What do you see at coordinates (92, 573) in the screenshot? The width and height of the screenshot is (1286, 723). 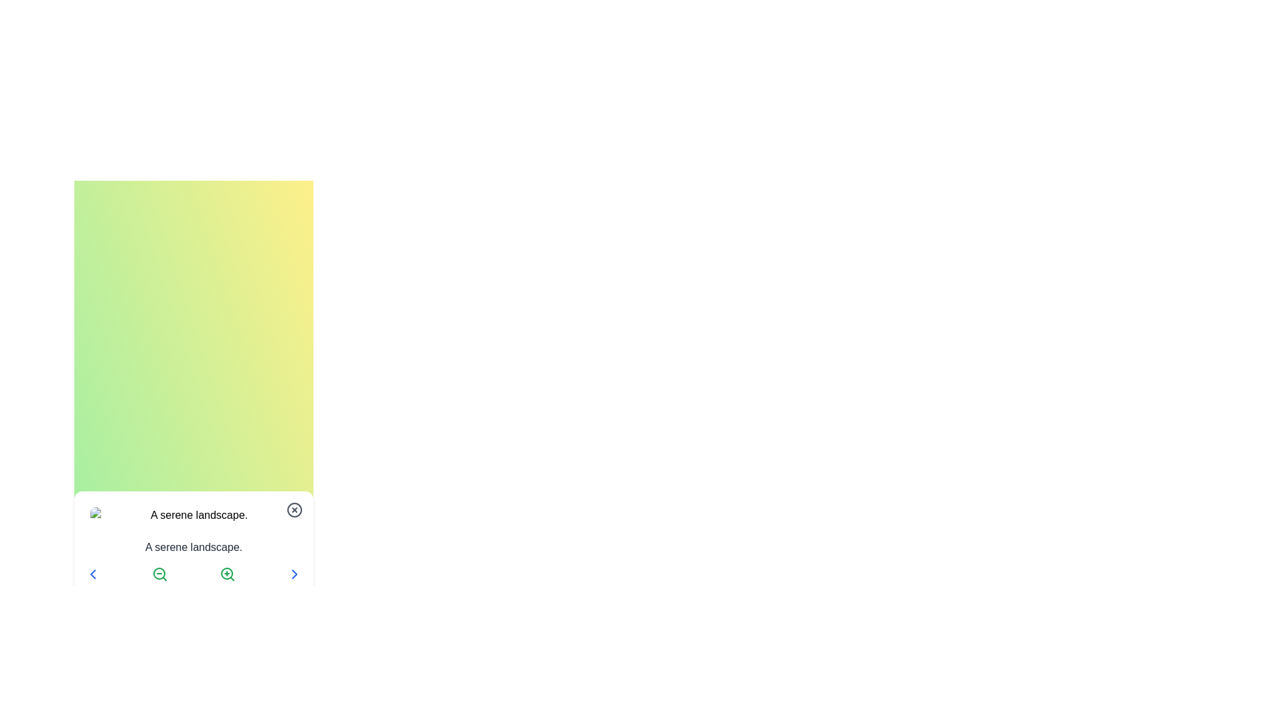 I see `the left-facing chevron icon in SVG format` at bounding box center [92, 573].